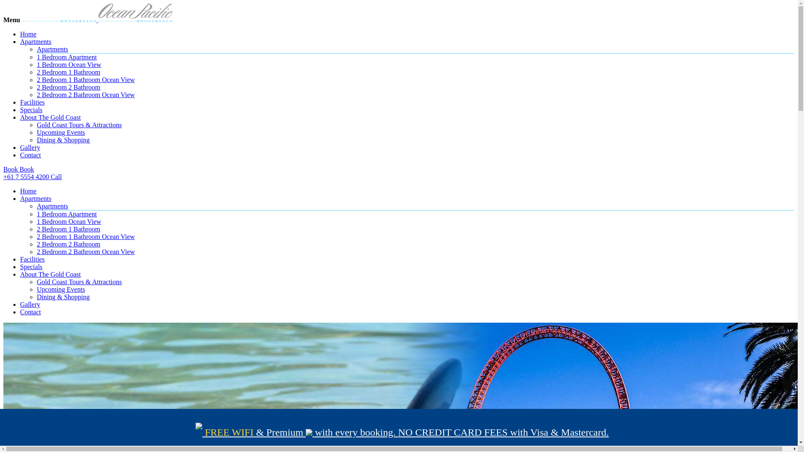 The width and height of the screenshot is (804, 452). What do you see at coordinates (12, 19) in the screenshot?
I see `'Menu'` at bounding box center [12, 19].